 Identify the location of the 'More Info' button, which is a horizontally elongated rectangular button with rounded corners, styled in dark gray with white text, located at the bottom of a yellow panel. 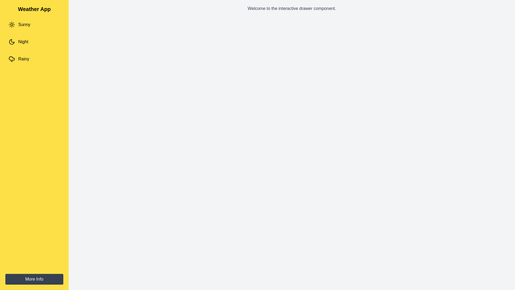
(34, 279).